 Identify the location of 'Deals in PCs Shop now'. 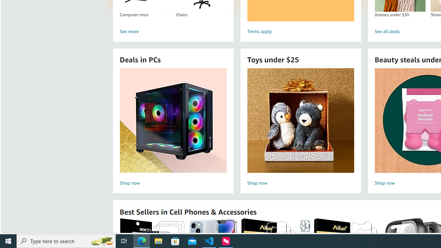
(173, 128).